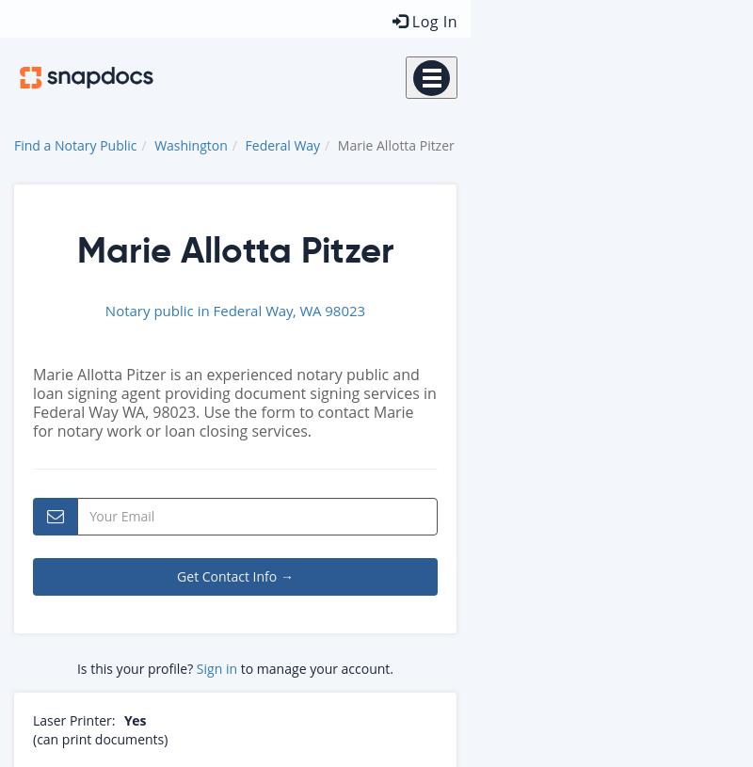 This screenshot has height=767, width=753. I want to click on 'to manage your account.', so click(314, 667).